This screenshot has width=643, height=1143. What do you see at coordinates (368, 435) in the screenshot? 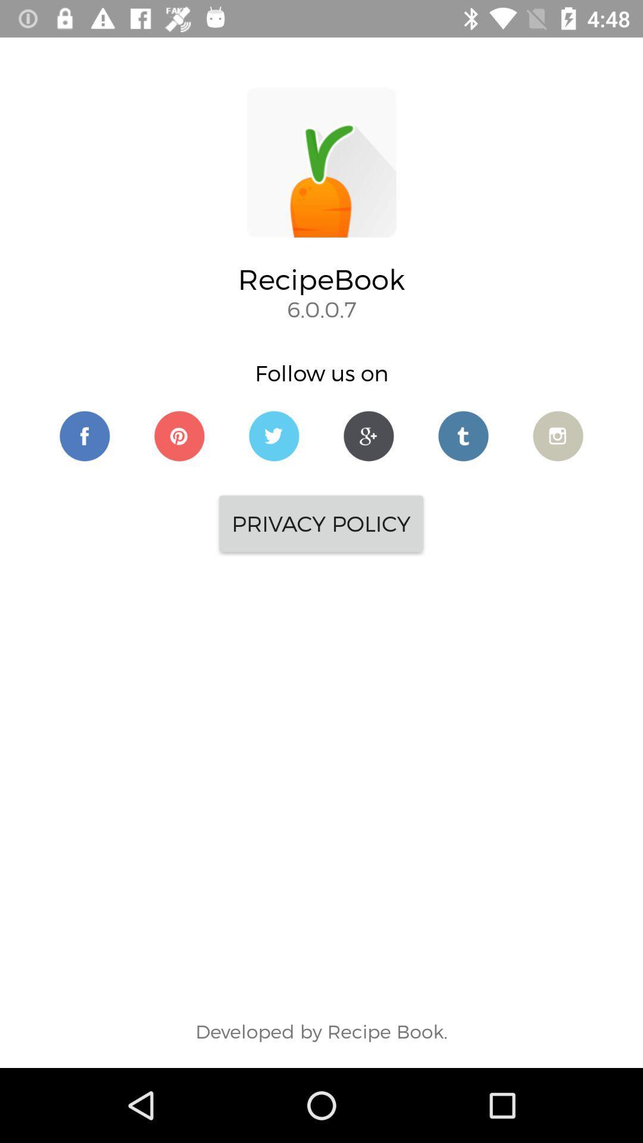
I see `google` at bounding box center [368, 435].